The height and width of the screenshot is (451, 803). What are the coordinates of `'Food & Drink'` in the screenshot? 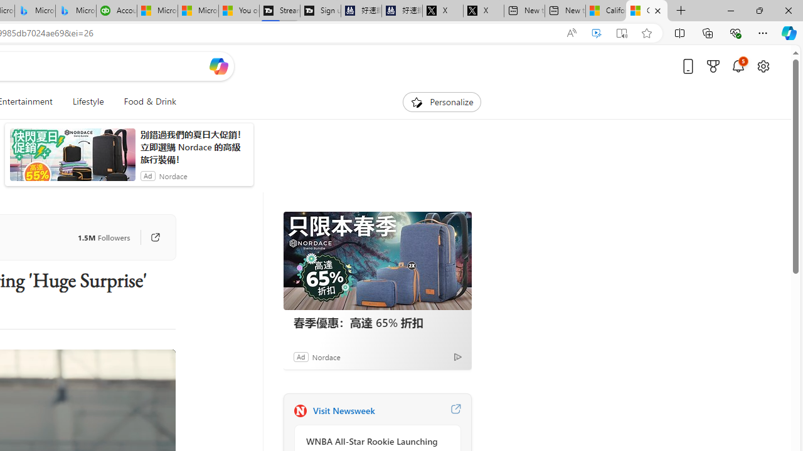 It's located at (150, 101).